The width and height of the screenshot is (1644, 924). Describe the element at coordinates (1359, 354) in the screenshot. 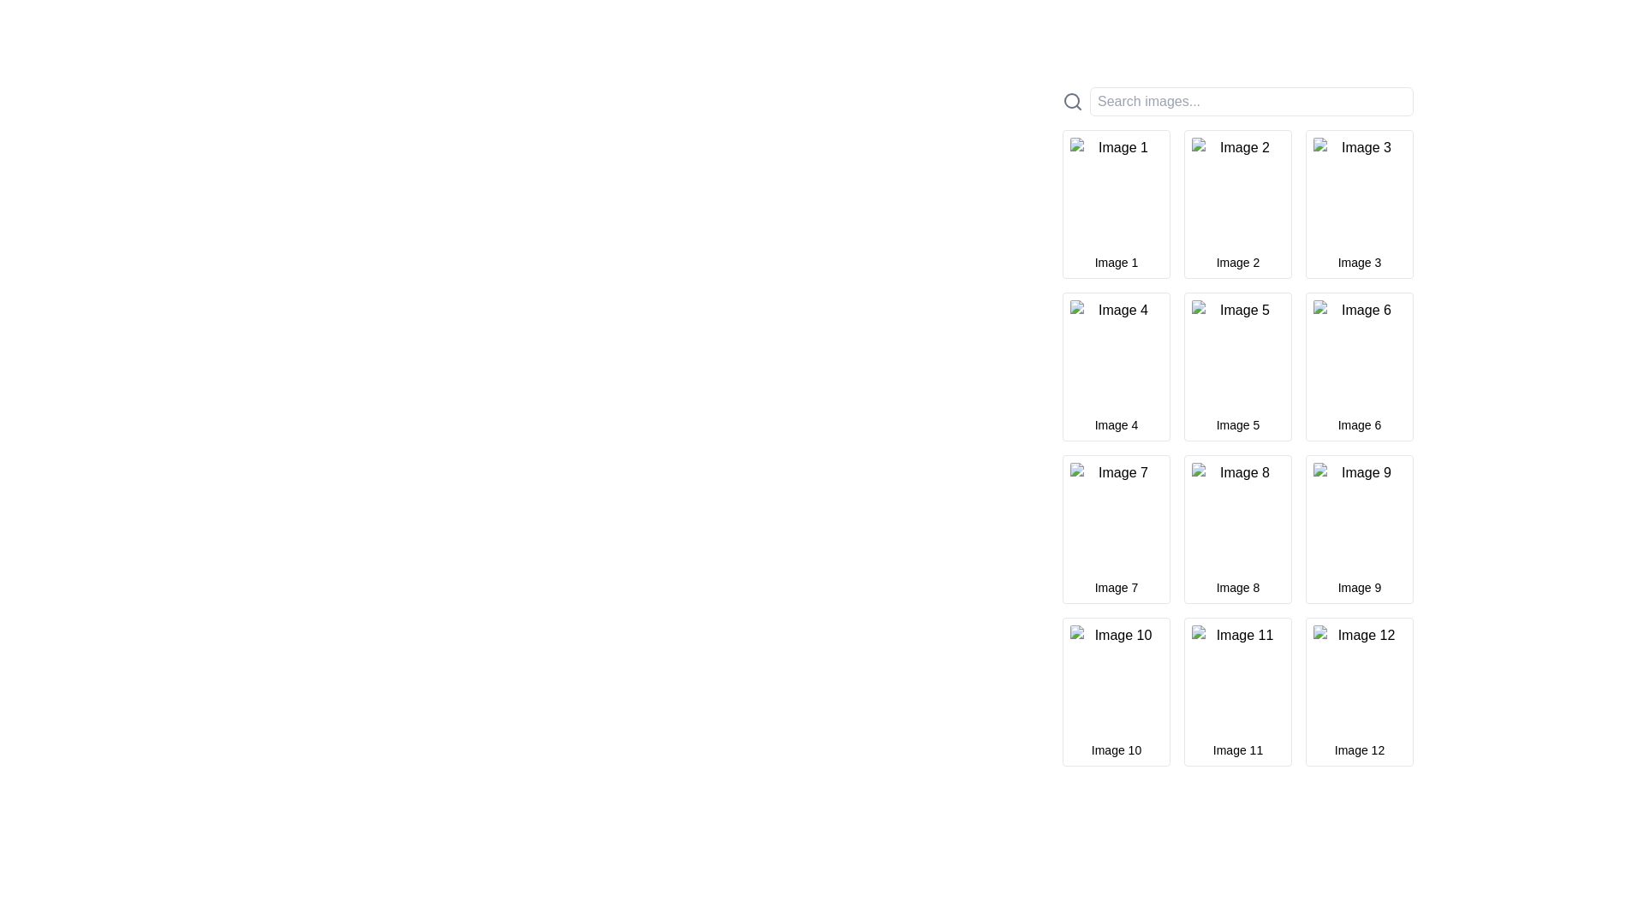

I see `the image placeholder displaying 'Image 6' with a gray background to interact or examine it` at that location.